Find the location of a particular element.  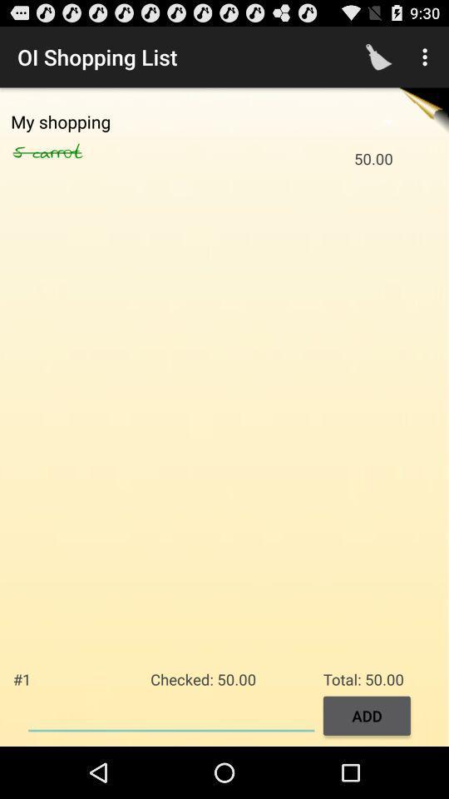

the carrot  app is located at coordinates (75, 152).